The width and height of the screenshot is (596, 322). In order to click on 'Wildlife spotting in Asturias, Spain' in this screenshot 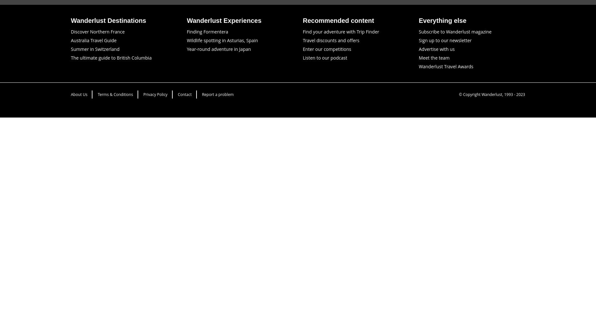, I will do `click(222, 40)`.